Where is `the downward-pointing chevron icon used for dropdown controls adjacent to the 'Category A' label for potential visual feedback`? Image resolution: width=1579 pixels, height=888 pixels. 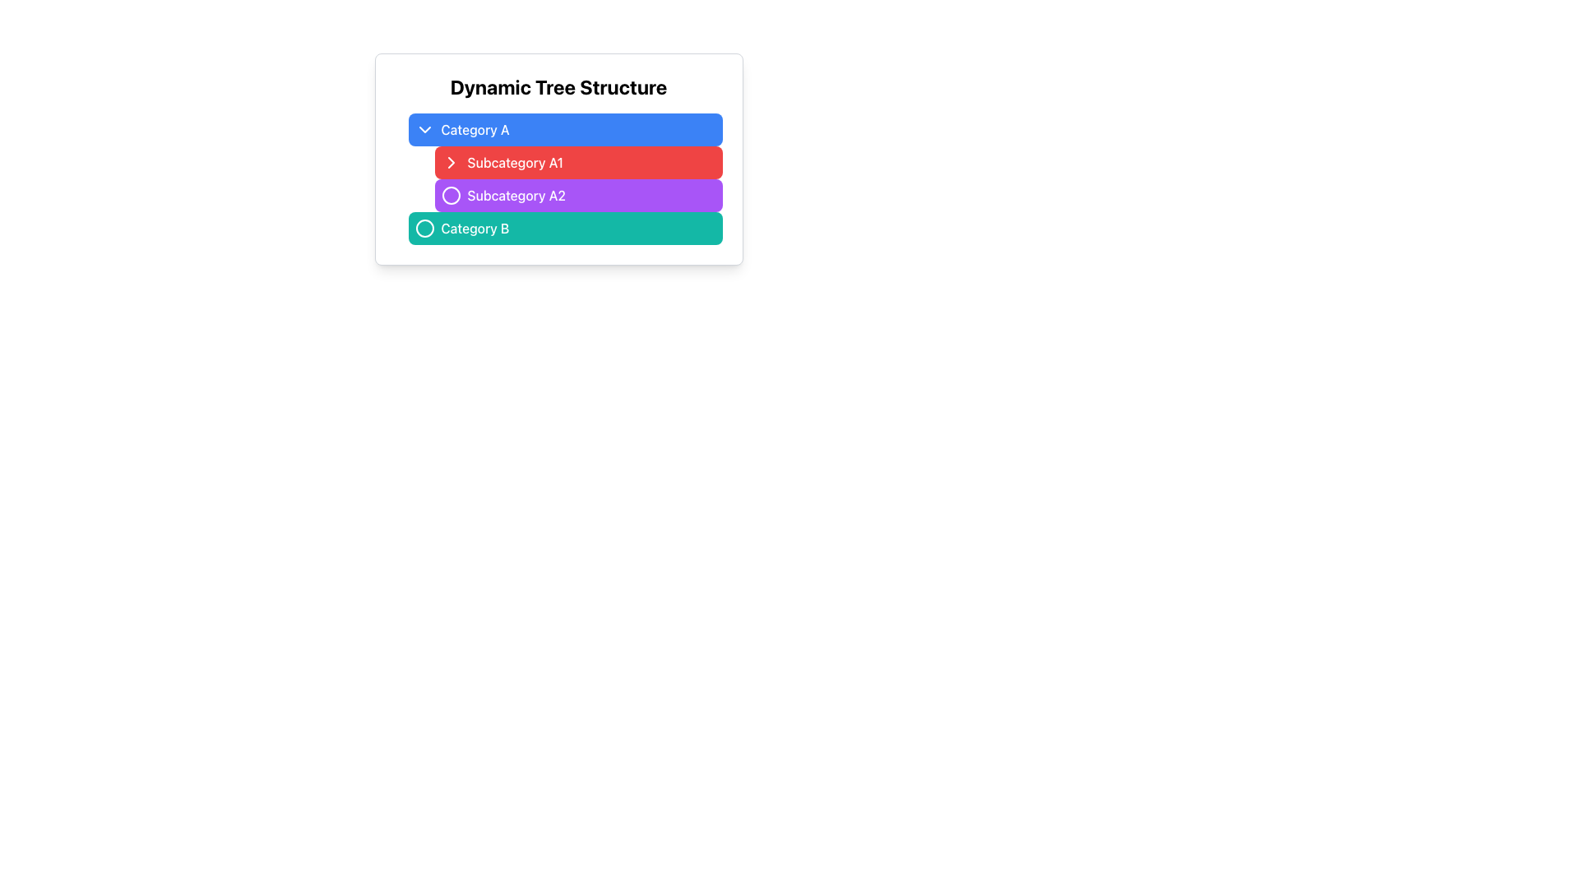
the downward-pointing chevron icon used for dropdown controls adjacent to the 'Category A' label for potential visual feedback is located at coordinates (424, 129).